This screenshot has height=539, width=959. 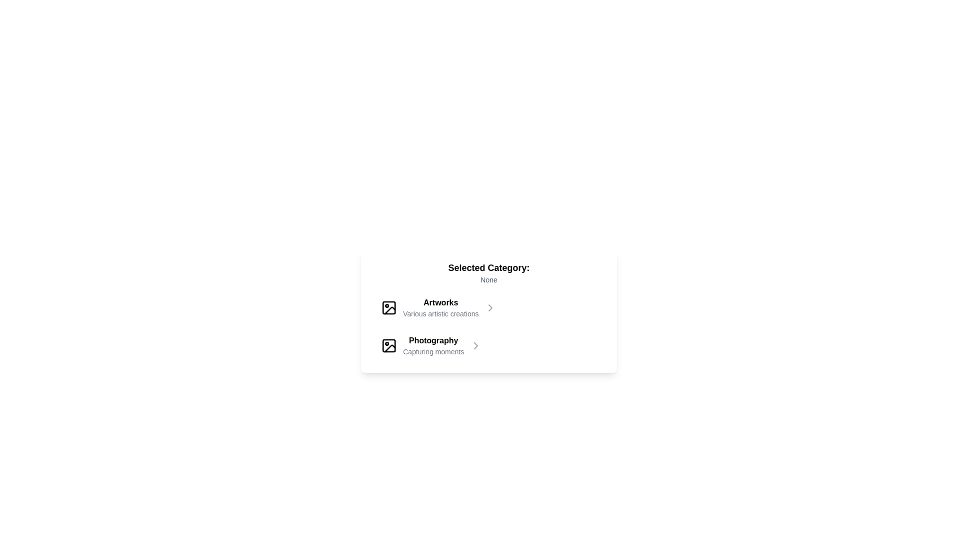 I want to click on the Text Label indicating the category 'Artworks' with the subtitle 'Various artistic creations', located beneath 'Selected Category: None', so click(x=440, y=307).